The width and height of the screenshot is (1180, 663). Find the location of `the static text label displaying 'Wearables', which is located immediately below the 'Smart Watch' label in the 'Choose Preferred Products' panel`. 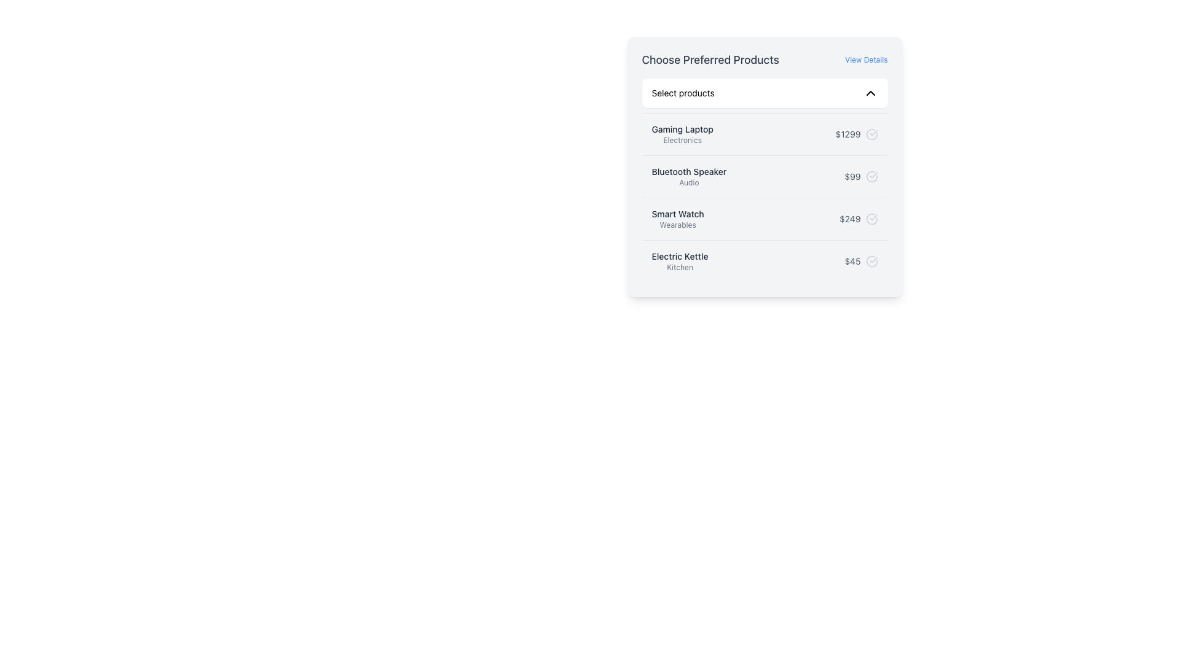

the static text label displaying 'Wearables', which is located immediately below the 'Smart Watch' label in the 'Choose Preferred Products' panel is located at coordinates (677, 225).